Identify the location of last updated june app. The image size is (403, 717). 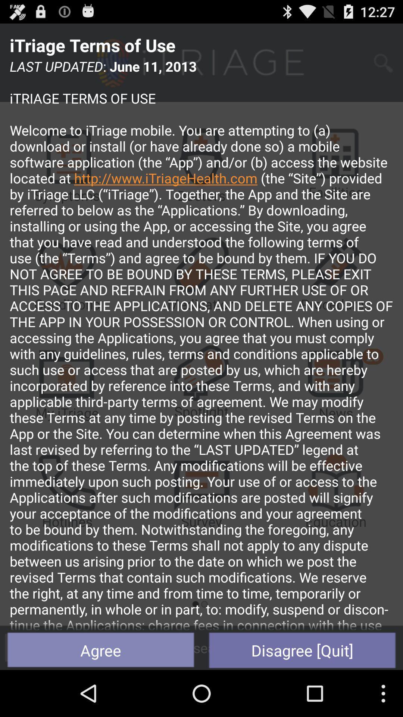
(201, 344).